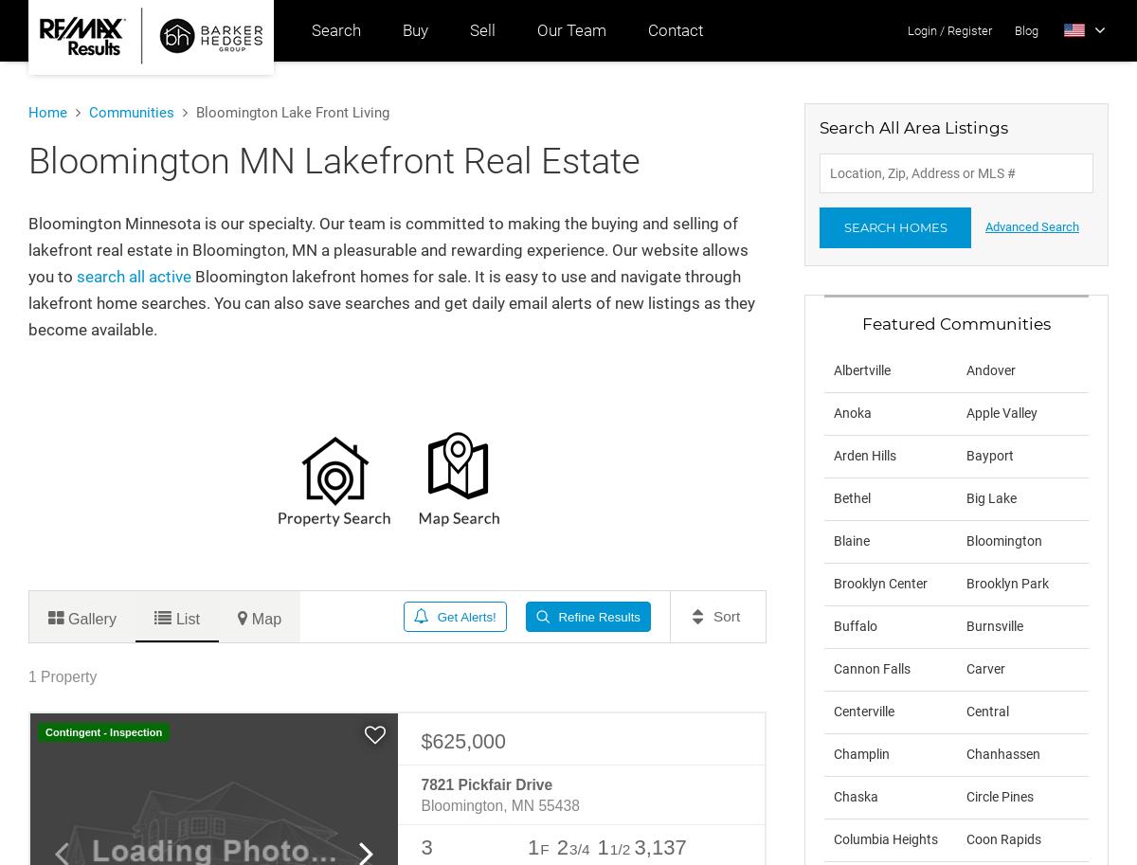  I want to click on 'Bayport', so click(966, 454).